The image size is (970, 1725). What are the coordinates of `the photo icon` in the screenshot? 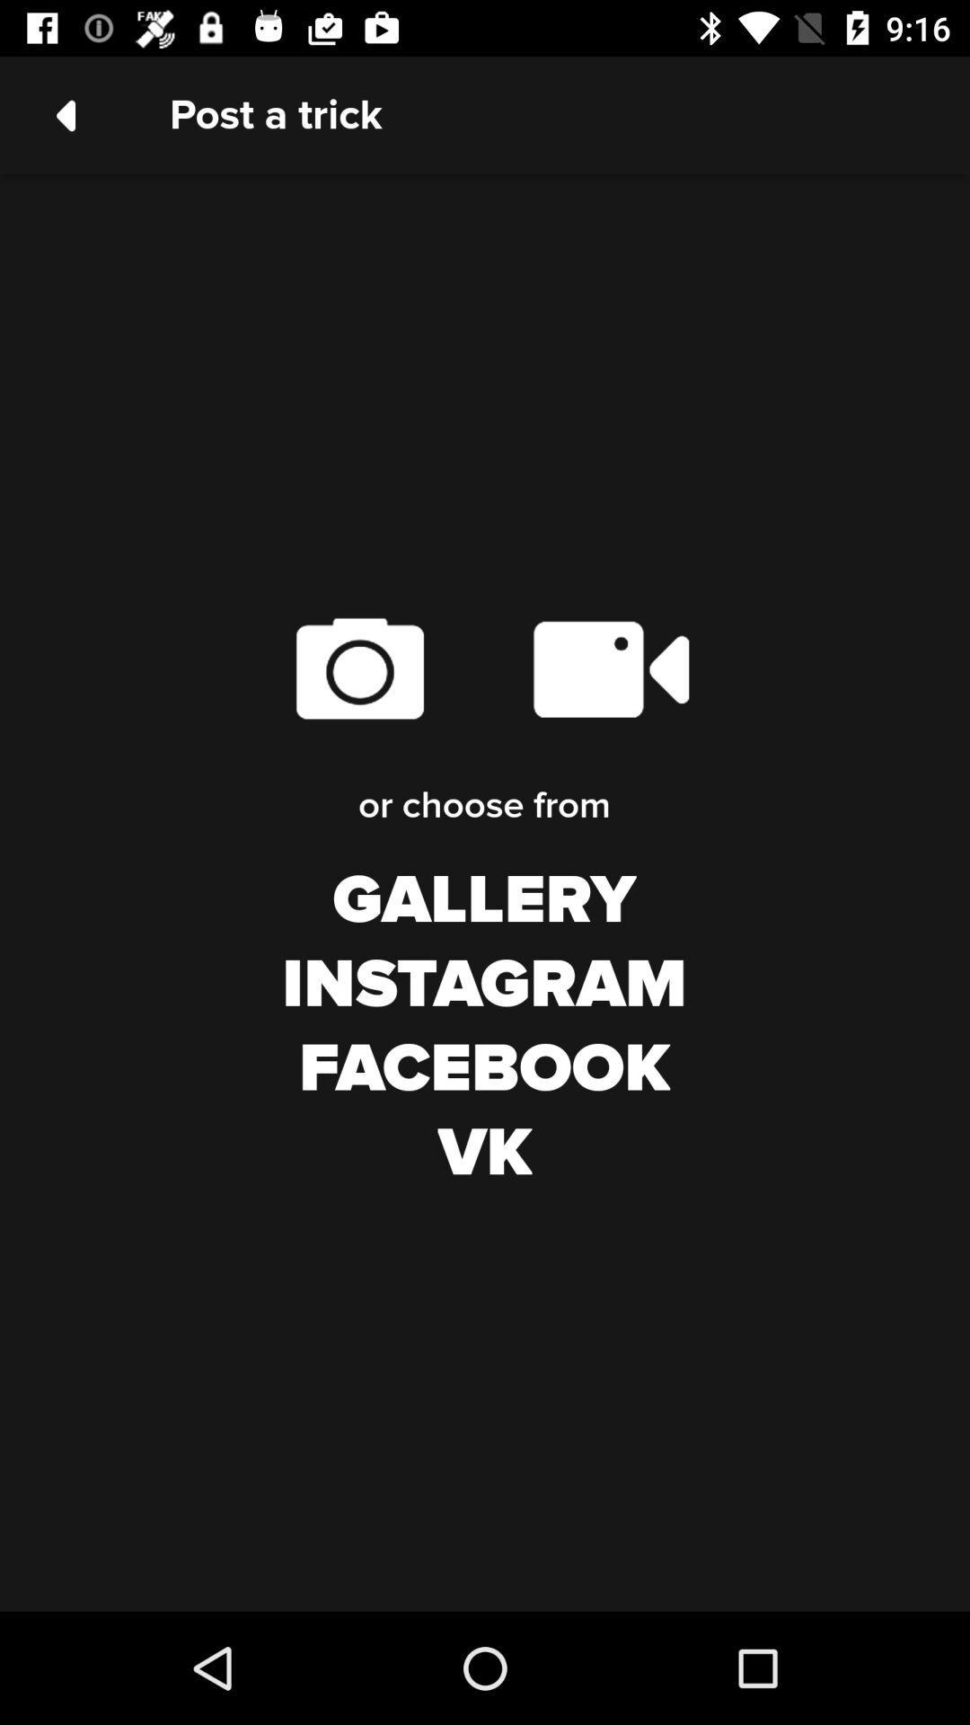 It's located at (359, 668).